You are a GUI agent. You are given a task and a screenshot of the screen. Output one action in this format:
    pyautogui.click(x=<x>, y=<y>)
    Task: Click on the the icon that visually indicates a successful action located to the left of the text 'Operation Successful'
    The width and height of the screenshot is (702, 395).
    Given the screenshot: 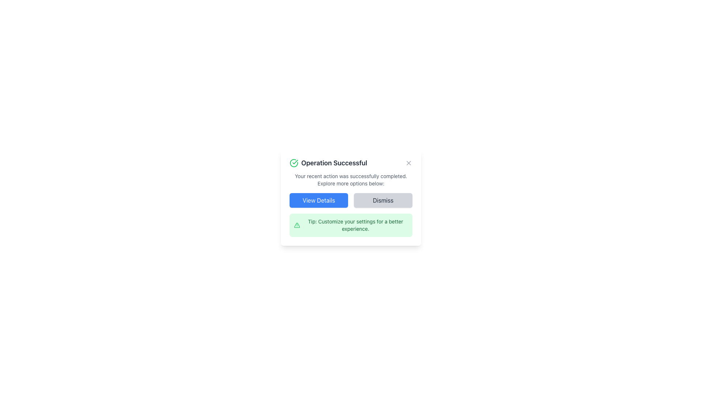 What is the action you would take?
    pyautogui.click(x=294, y=163)
    